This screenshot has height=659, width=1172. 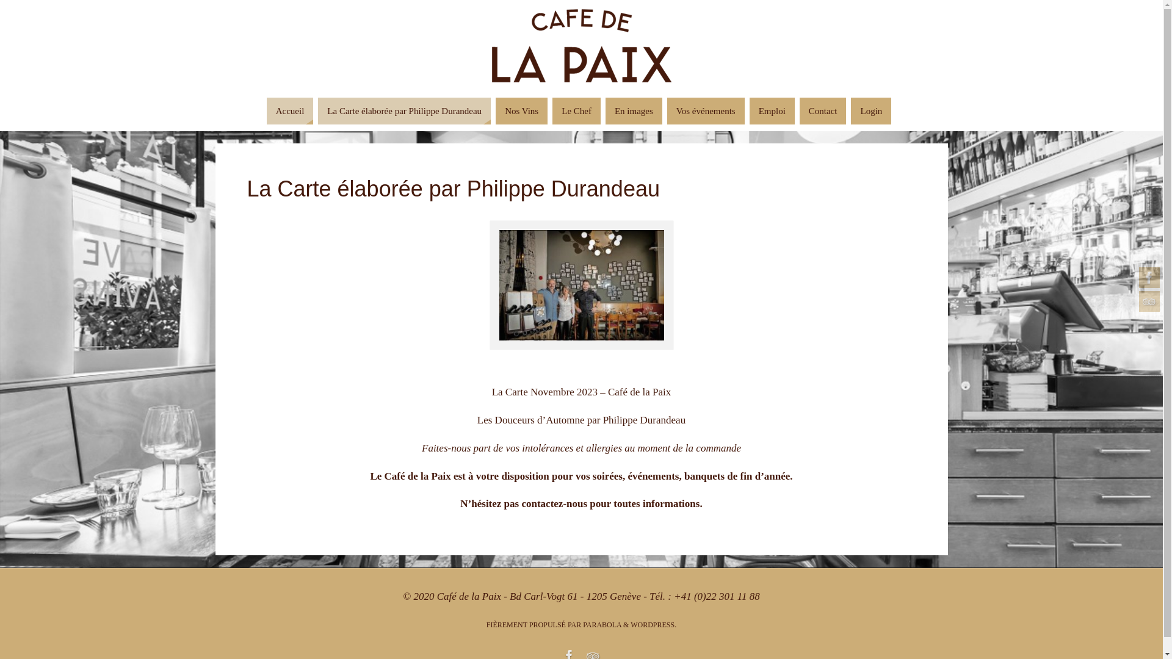 I want to click on 'Emploi', so click(x=772, y=110).